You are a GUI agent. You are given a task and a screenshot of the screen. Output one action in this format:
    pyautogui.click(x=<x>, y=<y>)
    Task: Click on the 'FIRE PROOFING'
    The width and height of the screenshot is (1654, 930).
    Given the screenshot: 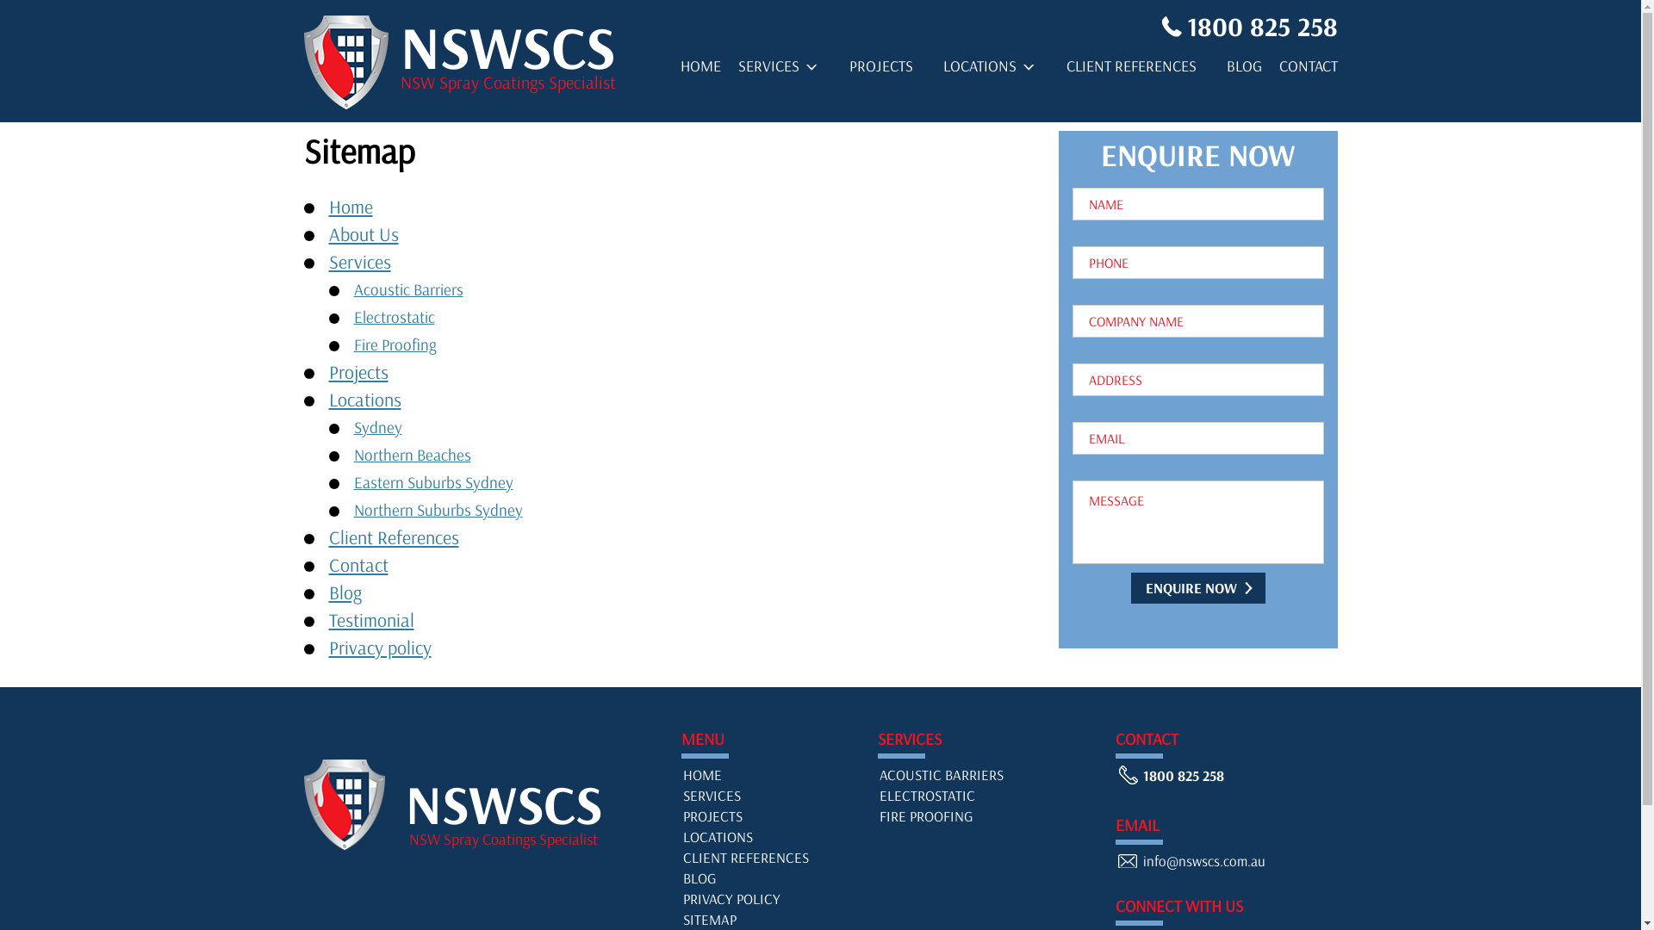 What is the action you would take?
    pyautogui.click(x=924, y=815)
    